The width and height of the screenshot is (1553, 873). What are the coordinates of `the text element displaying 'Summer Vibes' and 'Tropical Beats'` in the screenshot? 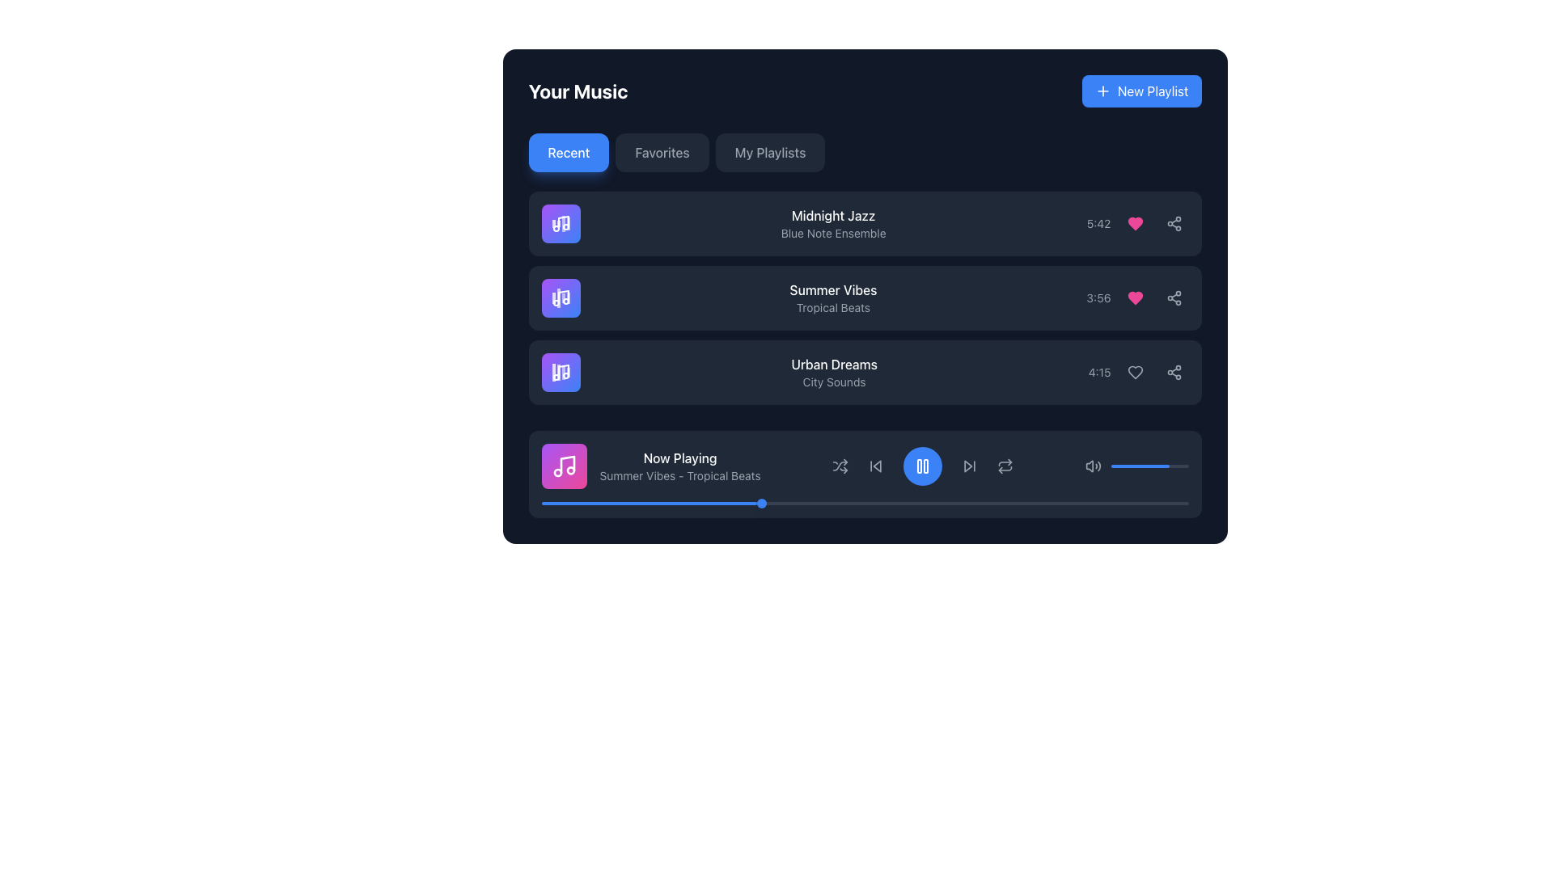 It's located at (833, 298).